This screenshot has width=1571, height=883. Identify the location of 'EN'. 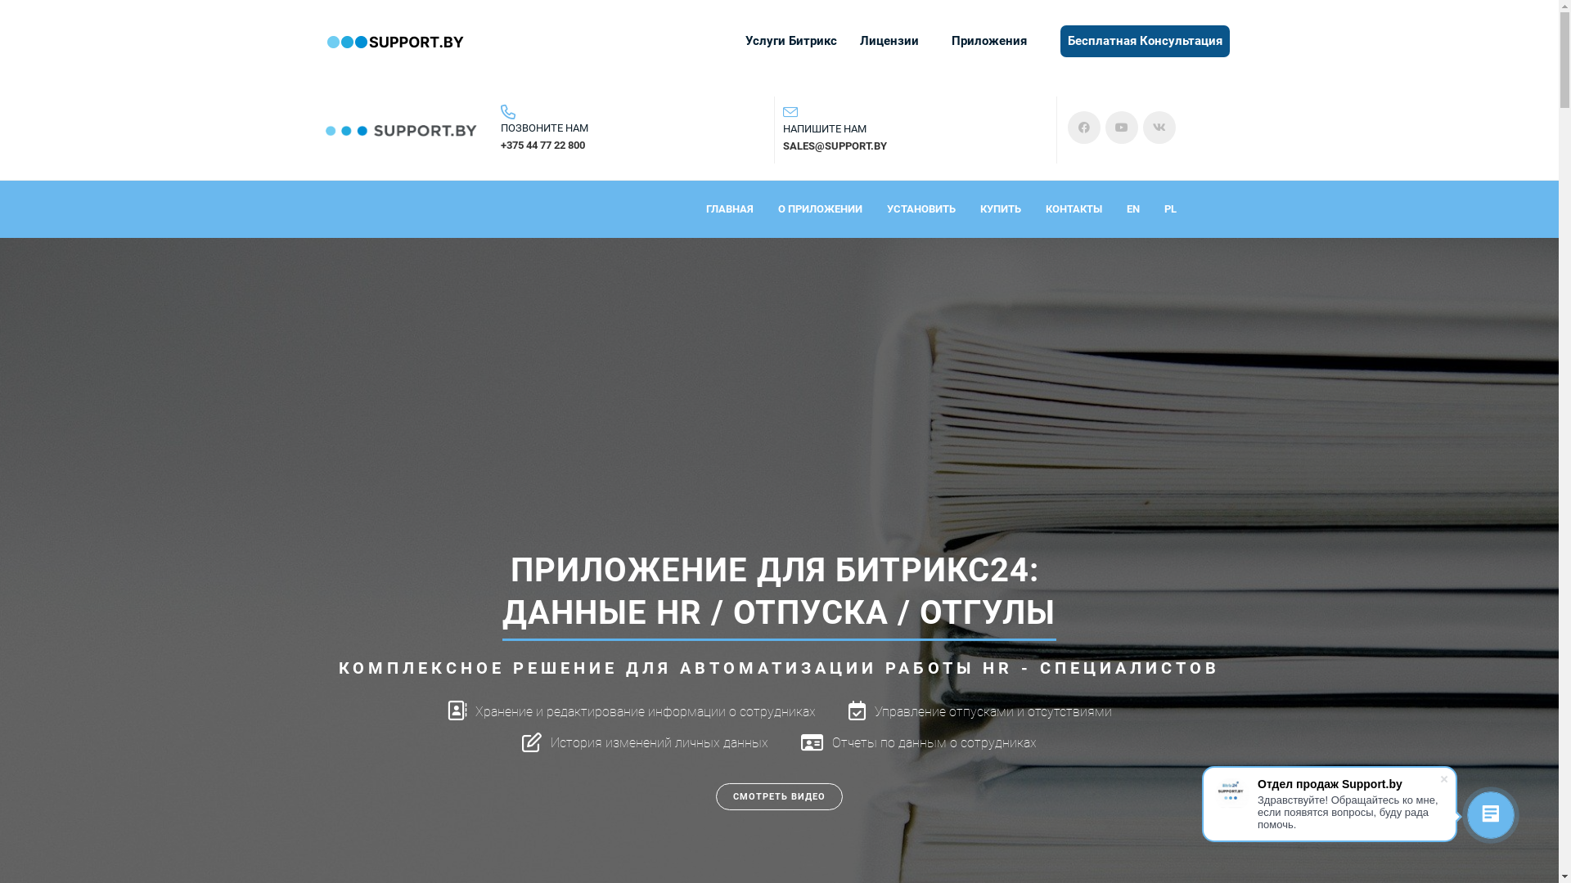
(1132, 208).